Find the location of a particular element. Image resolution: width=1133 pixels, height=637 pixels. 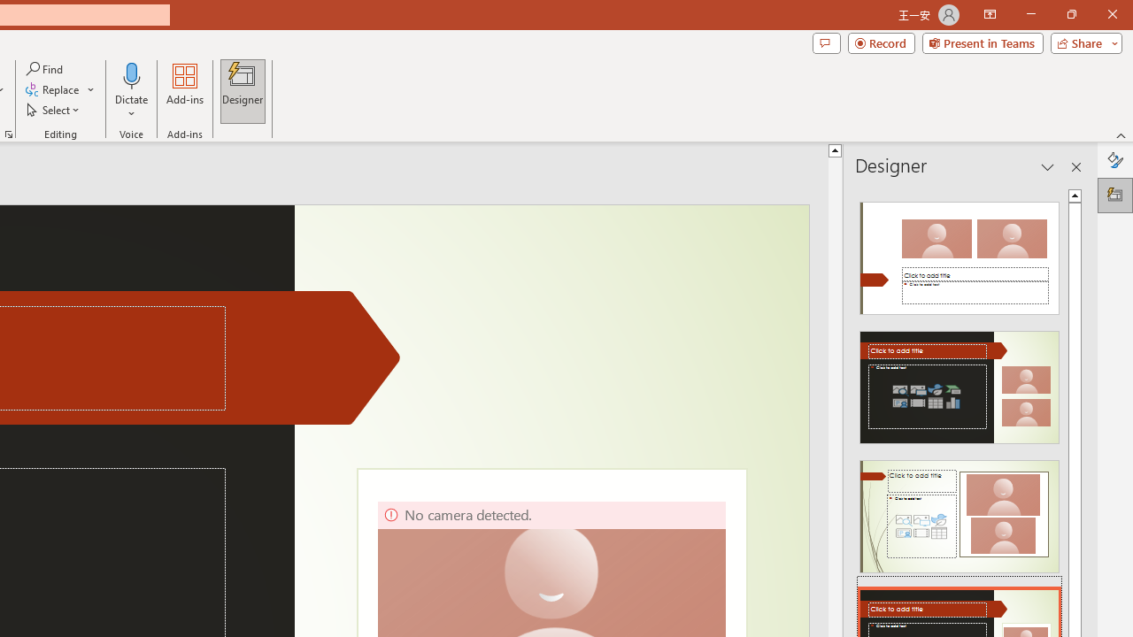

'Dictate' is located at coordinates (131, 74).